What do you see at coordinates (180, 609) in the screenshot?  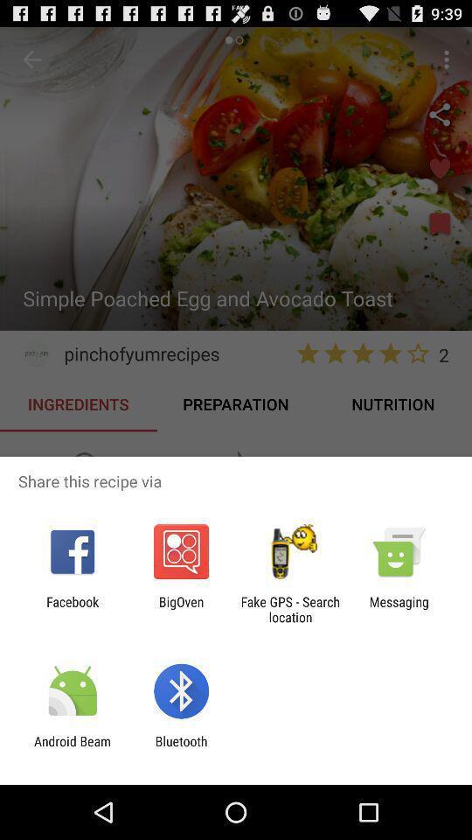 I see `bigoven` at bounding box center [180, 609].